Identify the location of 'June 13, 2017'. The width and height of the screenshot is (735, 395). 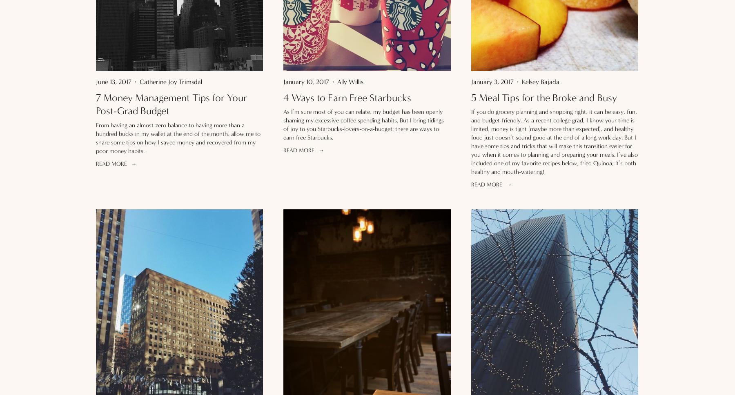
(113, 81).